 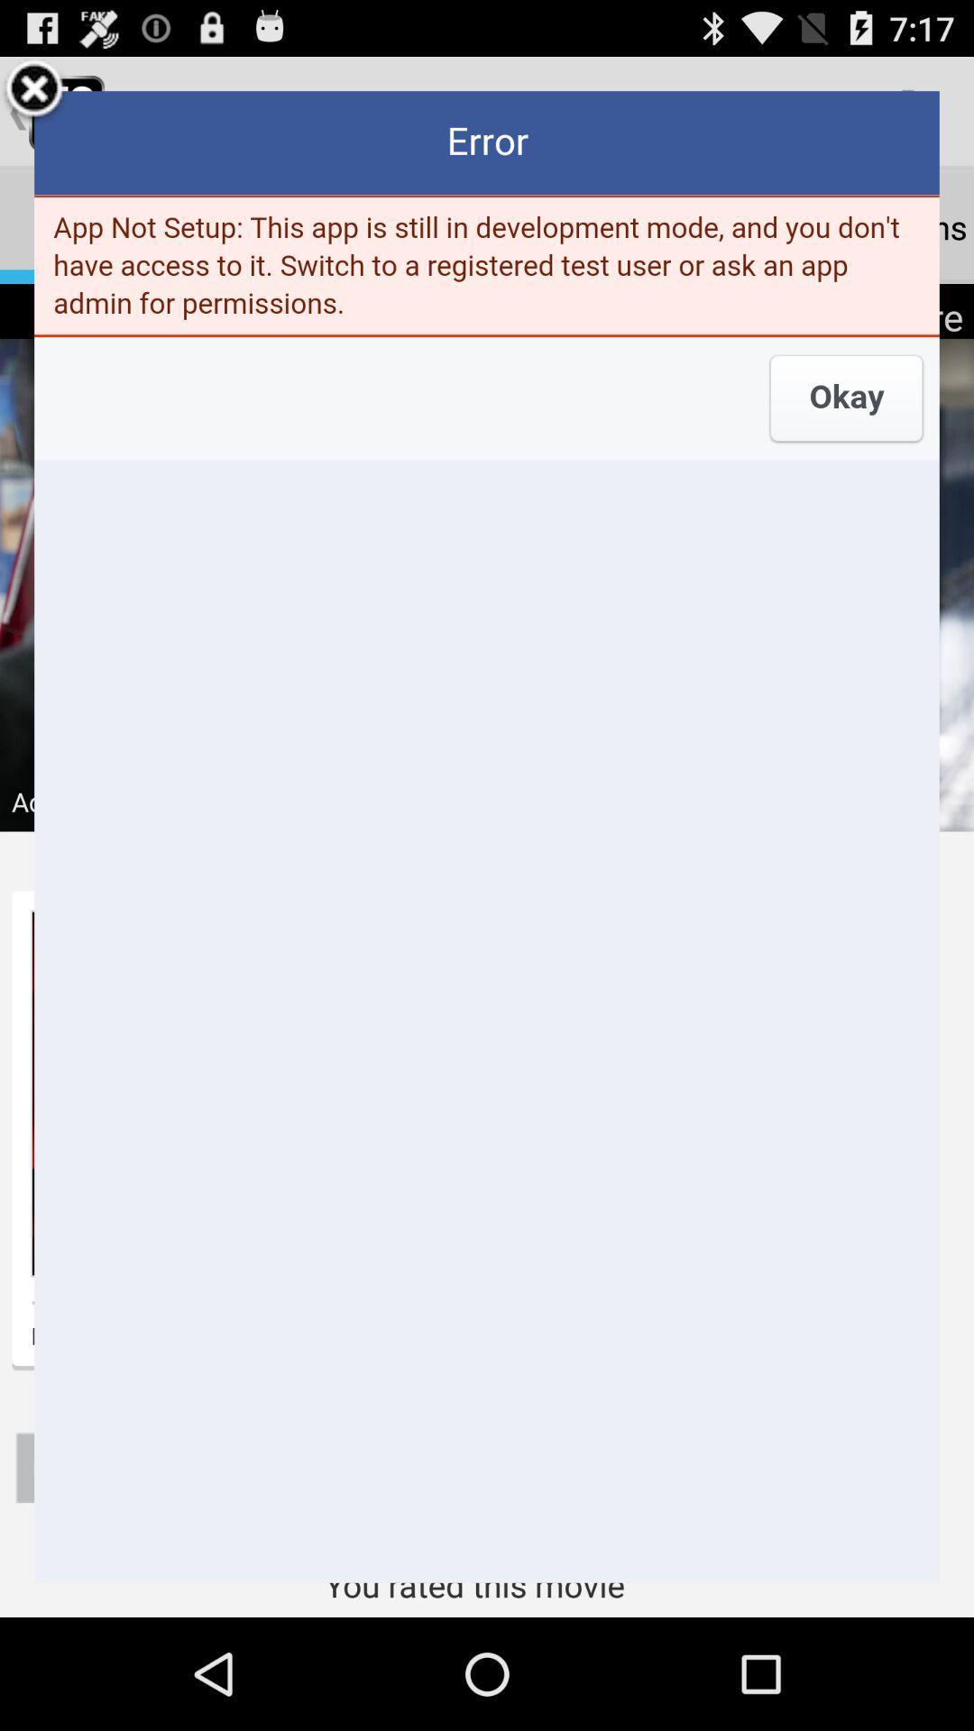 What do you see at coordinates (34, 90) in the screenshot?
I see `the box` at bounding box center [34, 90].